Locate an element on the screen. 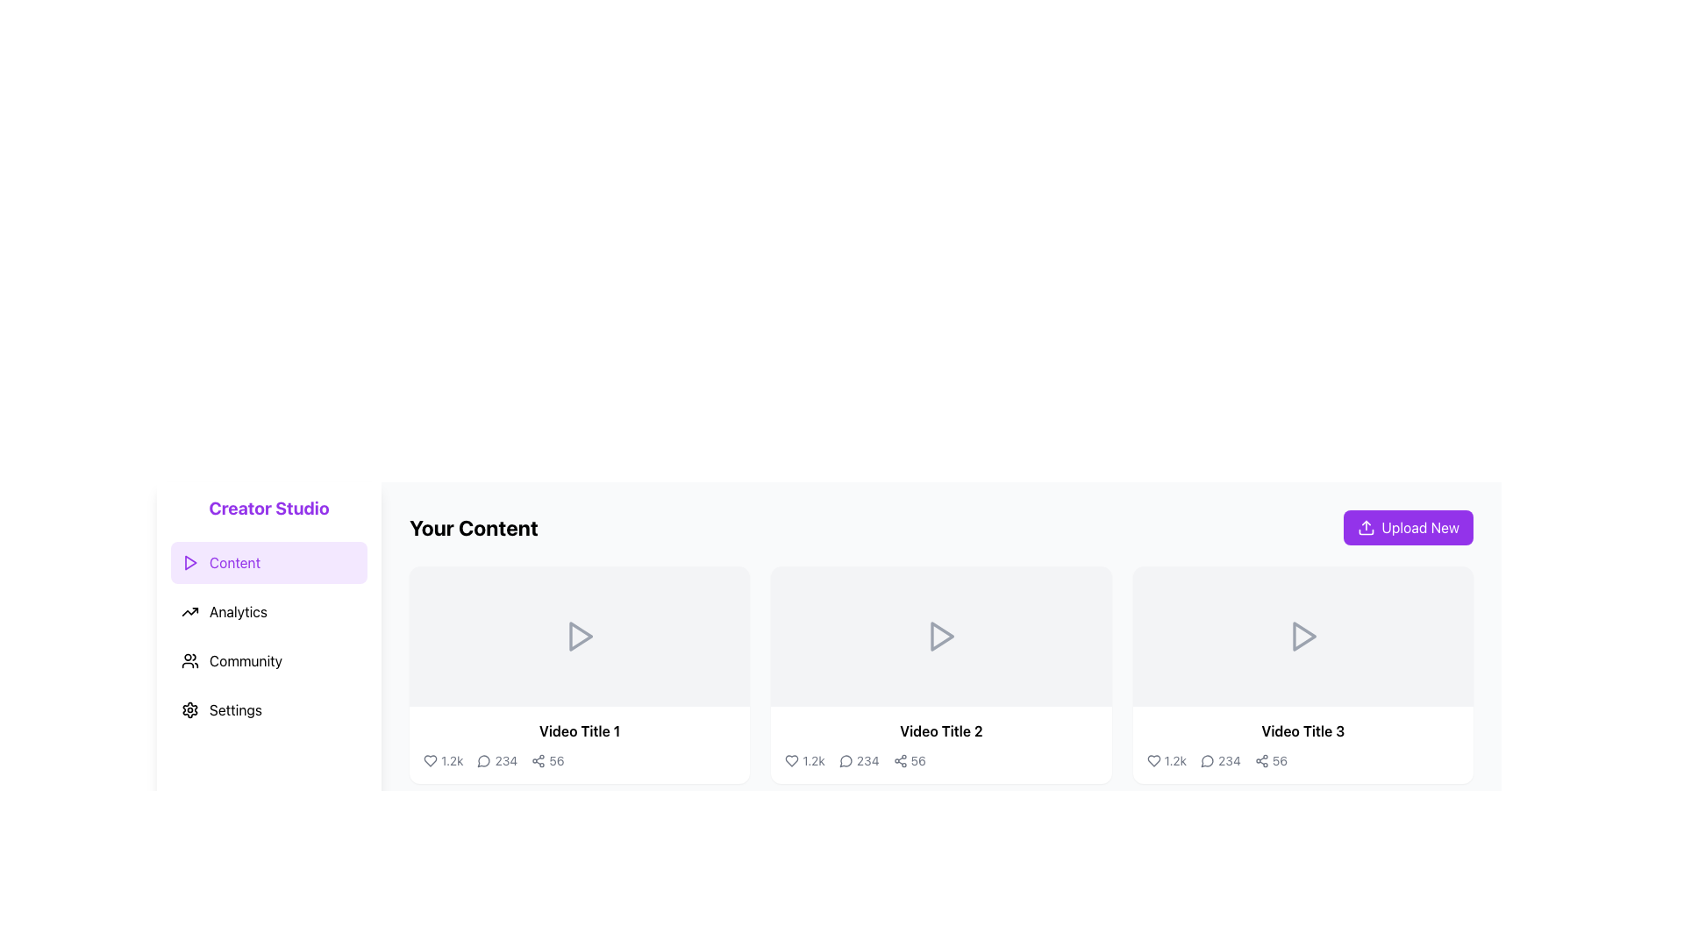 This screenshot has height=947, width=1684. the Interactive Thumbnail element, which features a centered play icon and is located at the top left of the card layout under 'Your Content' is located at coordinates (580, 636).